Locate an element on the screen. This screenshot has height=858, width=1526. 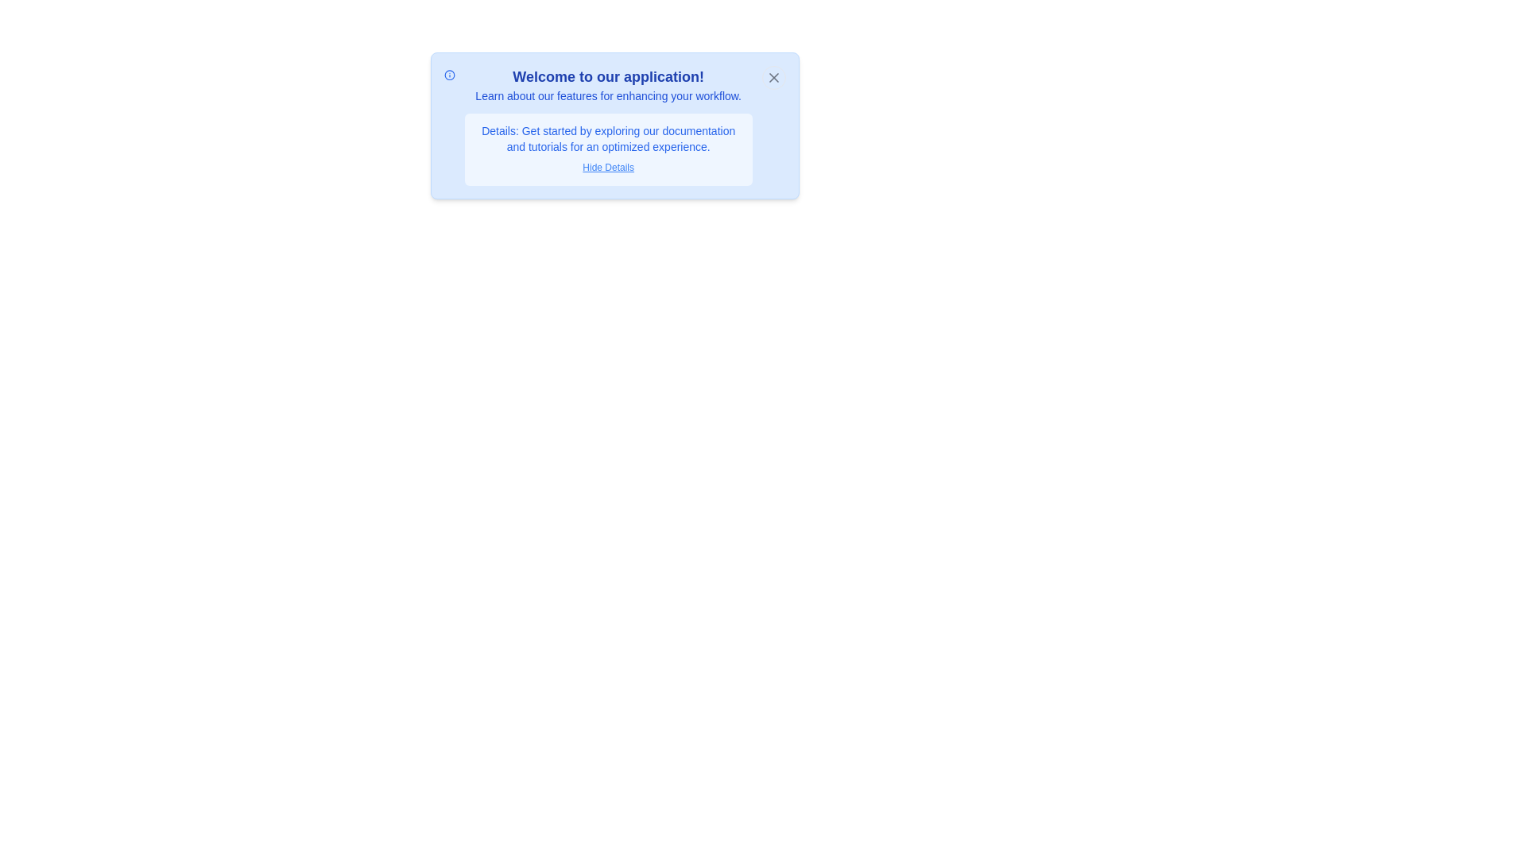
the close button to dismiss the alert is located at coordinates (773, 77).